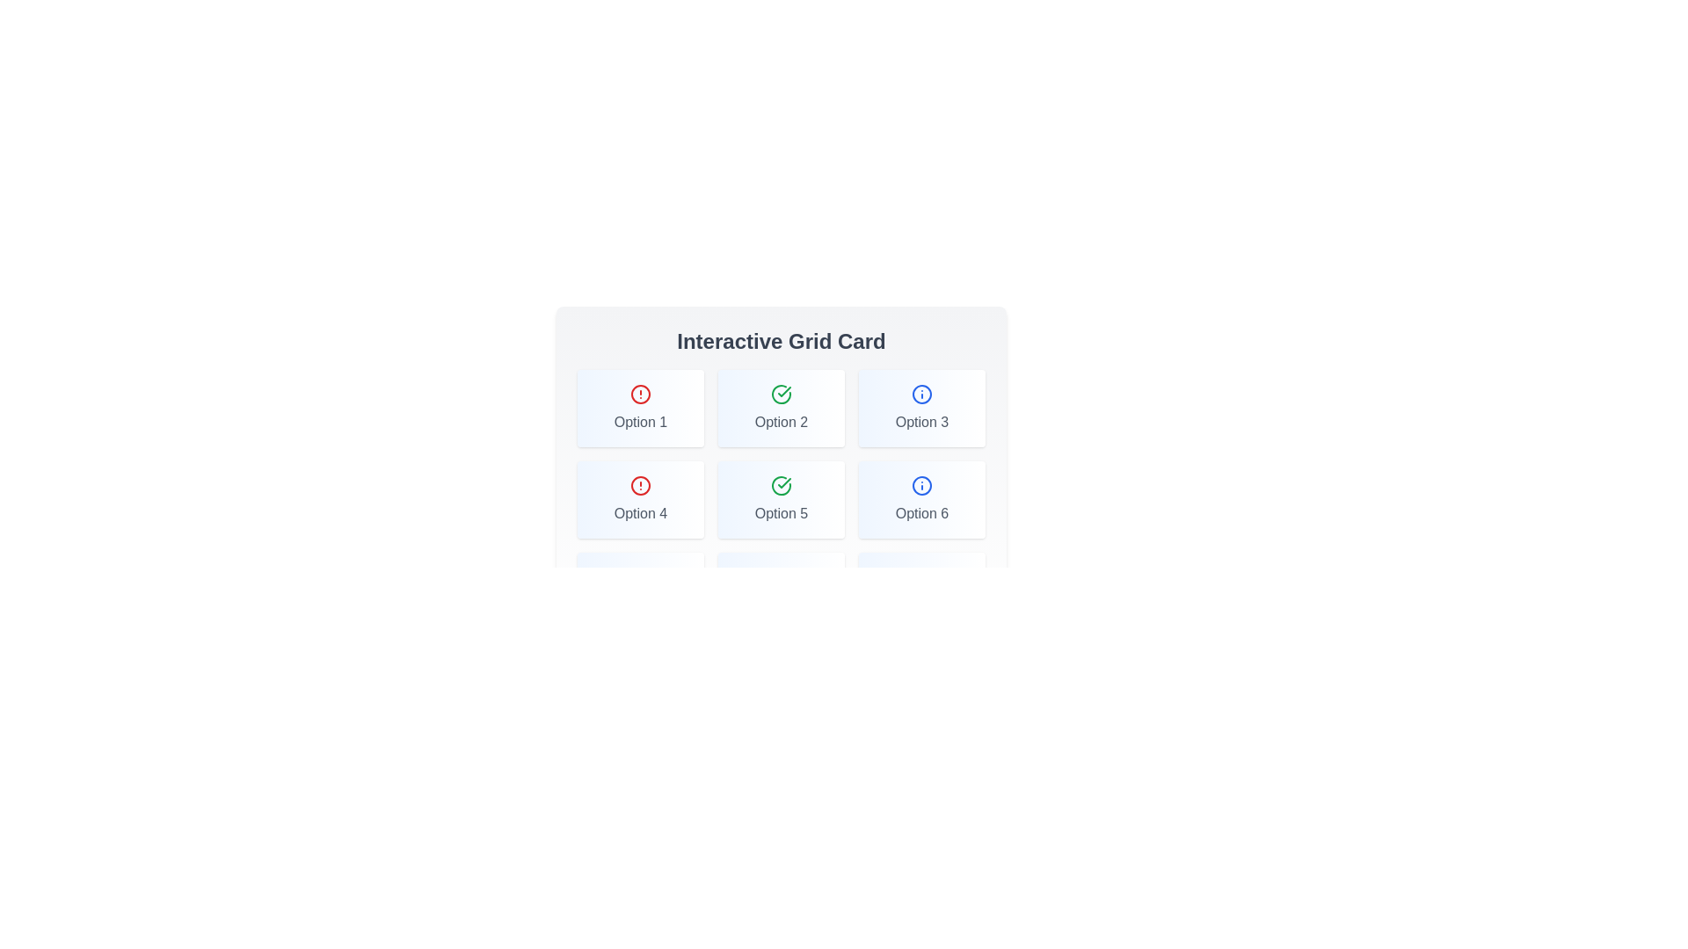  I want to click on the informational icon within the 'Option 3' box of the 'Interactive Grid Card', so click(921, 393).